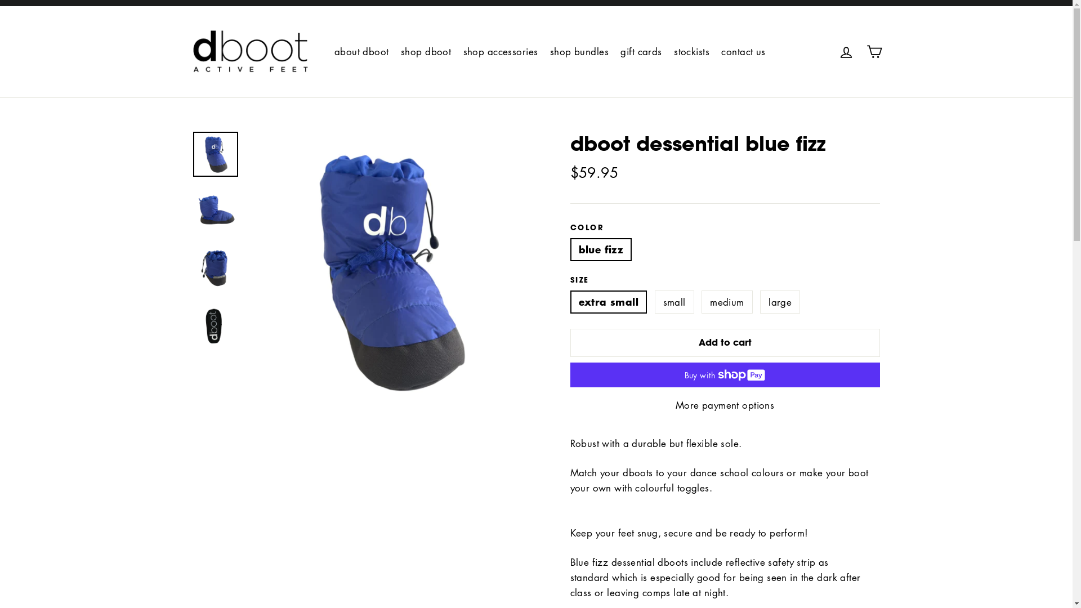 This screenshot has width=1081, height=608. What do you see at coordinates (724, 404) in the screenshot?
I see `'More payment options'` at bounding box center [724, 404].